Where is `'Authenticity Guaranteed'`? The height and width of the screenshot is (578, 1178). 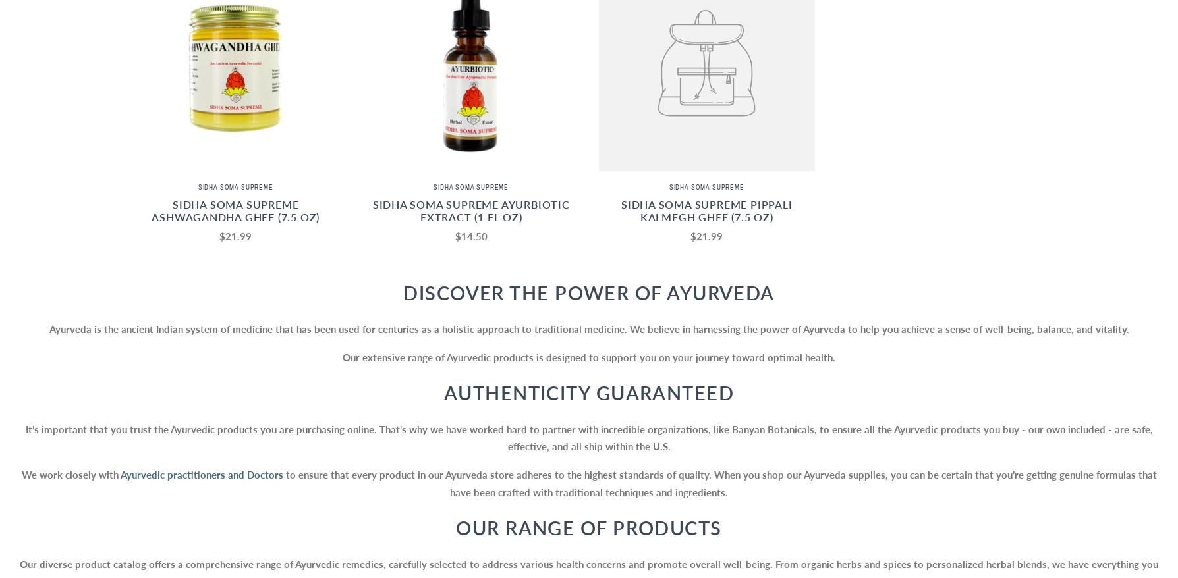 'Authenticity Guaranteed' is located at coordinates (588, 392).